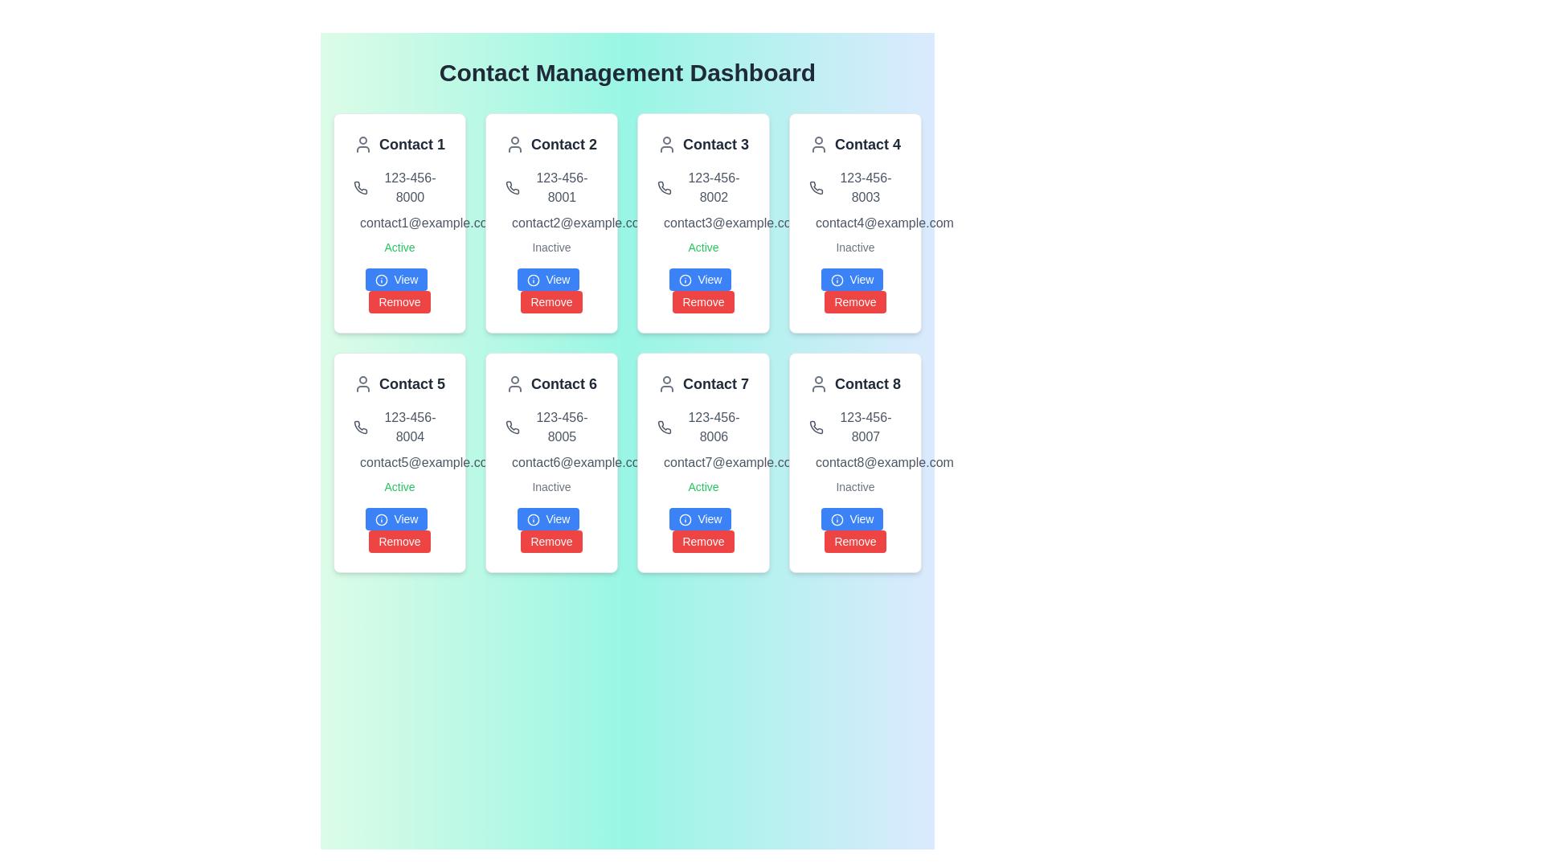 Image resolution: width=1543 pixels, height=868 pixels. Describe the element at coordinates (533, 280) in the screenshot. I see `circular icon with an information symbol inside, which is styled with a blue border and located within the blue 'View' button in the second contact card (Contact 2) from the left` at that location.